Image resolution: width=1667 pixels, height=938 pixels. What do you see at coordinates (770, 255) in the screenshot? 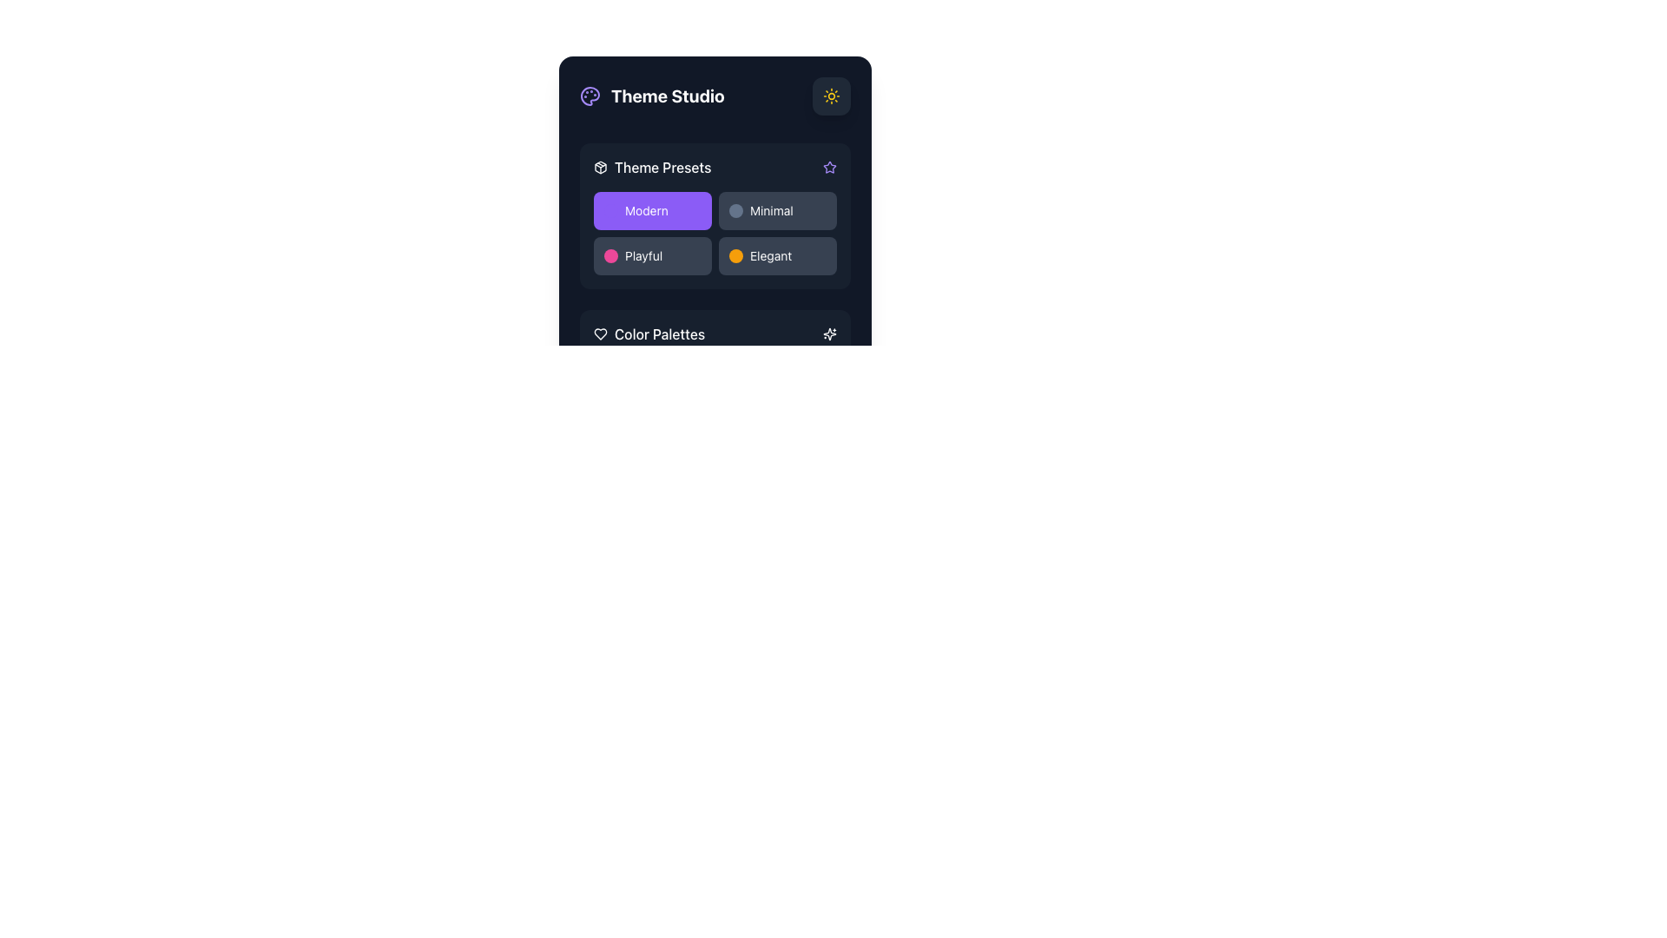
I see `the 'Theme Preset' text label indicating 'Elegant', which is located in the 'Theme Presets' section of the interface, to the right of a small orange circular indicator` at bounding box center [770, 255].